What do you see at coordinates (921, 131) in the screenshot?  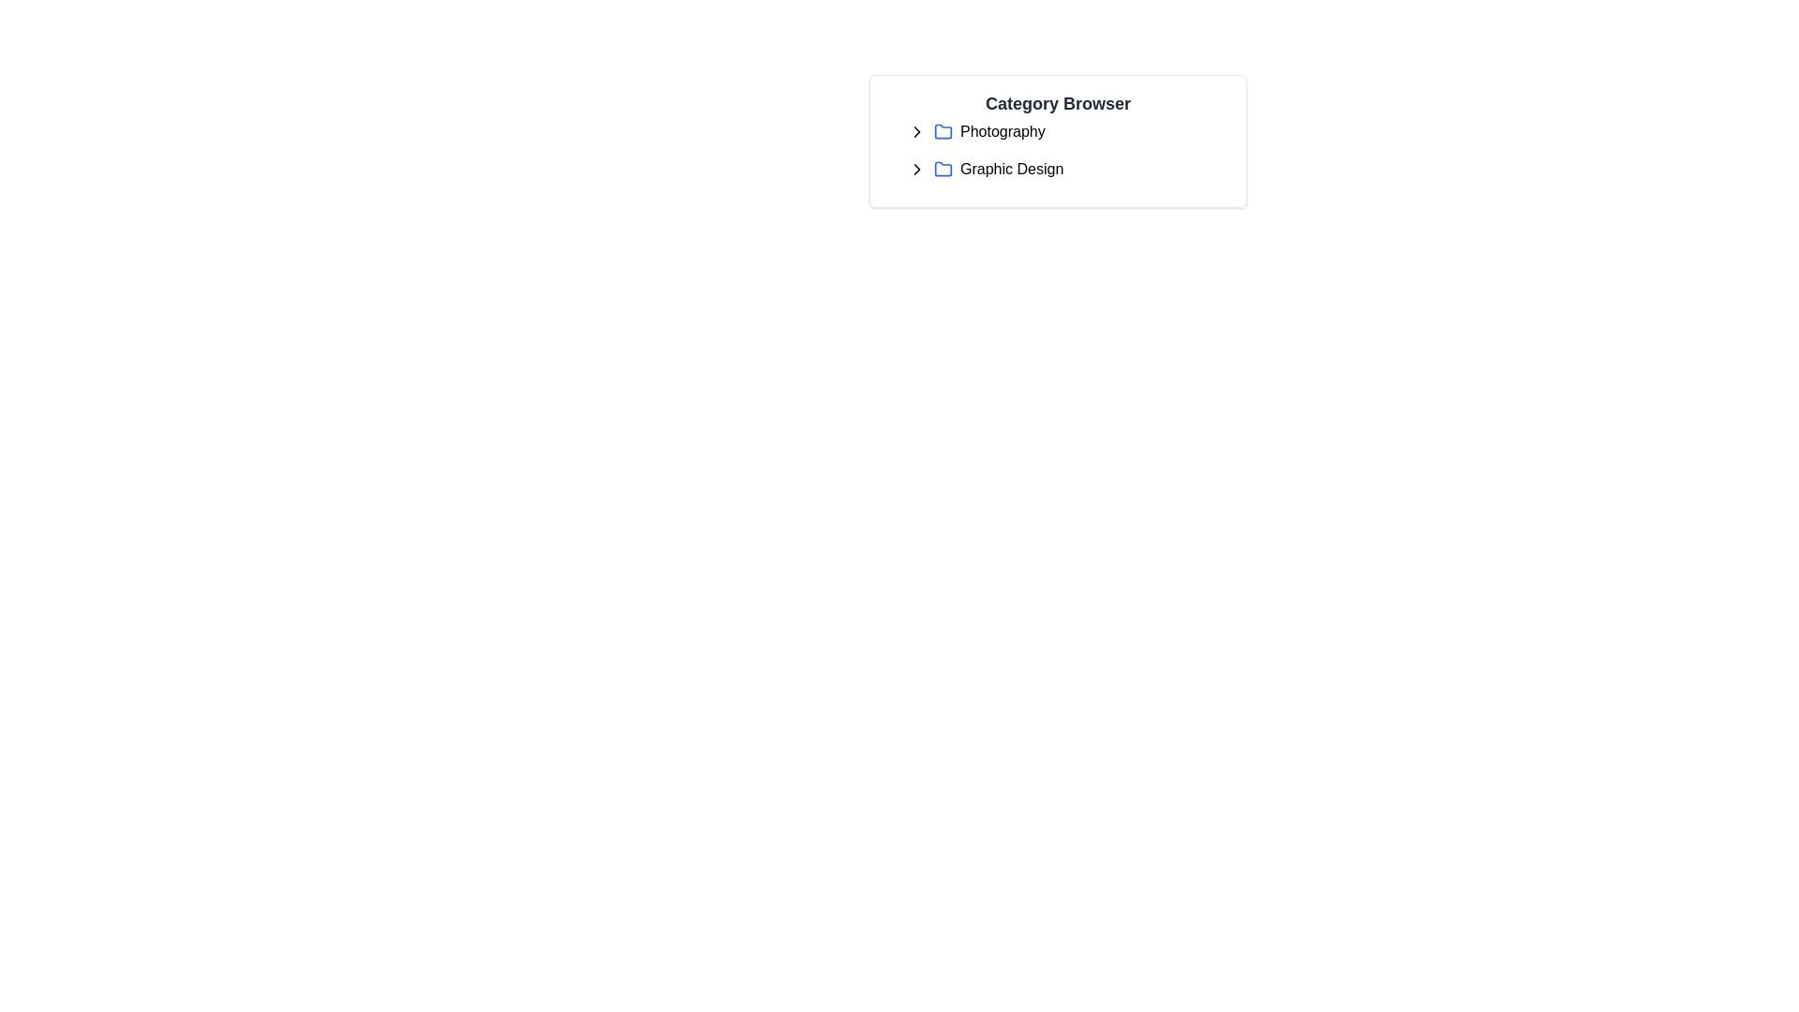 I see `the chevron icon next to the 'Photography' text` at bounding box center [921, 131].